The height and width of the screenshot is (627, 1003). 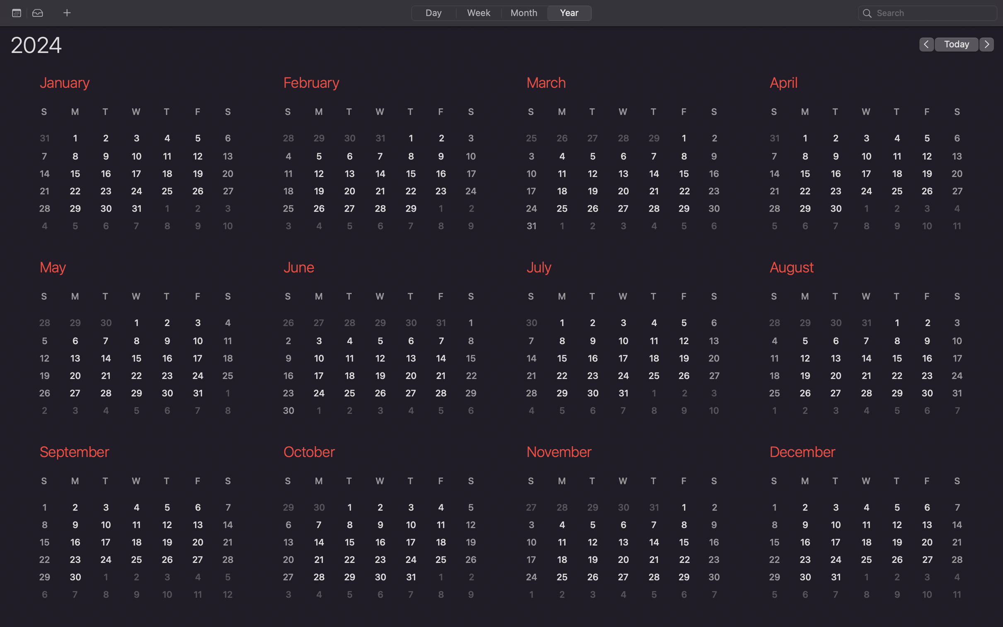 I want to click on the calendar for the month of February to observe all planned events, so click(x=378, y=156).